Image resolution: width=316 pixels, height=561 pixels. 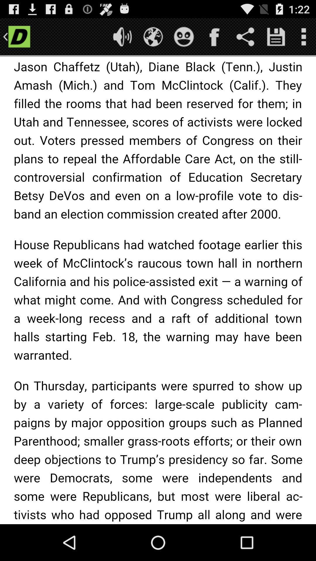 I want to click on the more icon, so click(x=303, y=39).